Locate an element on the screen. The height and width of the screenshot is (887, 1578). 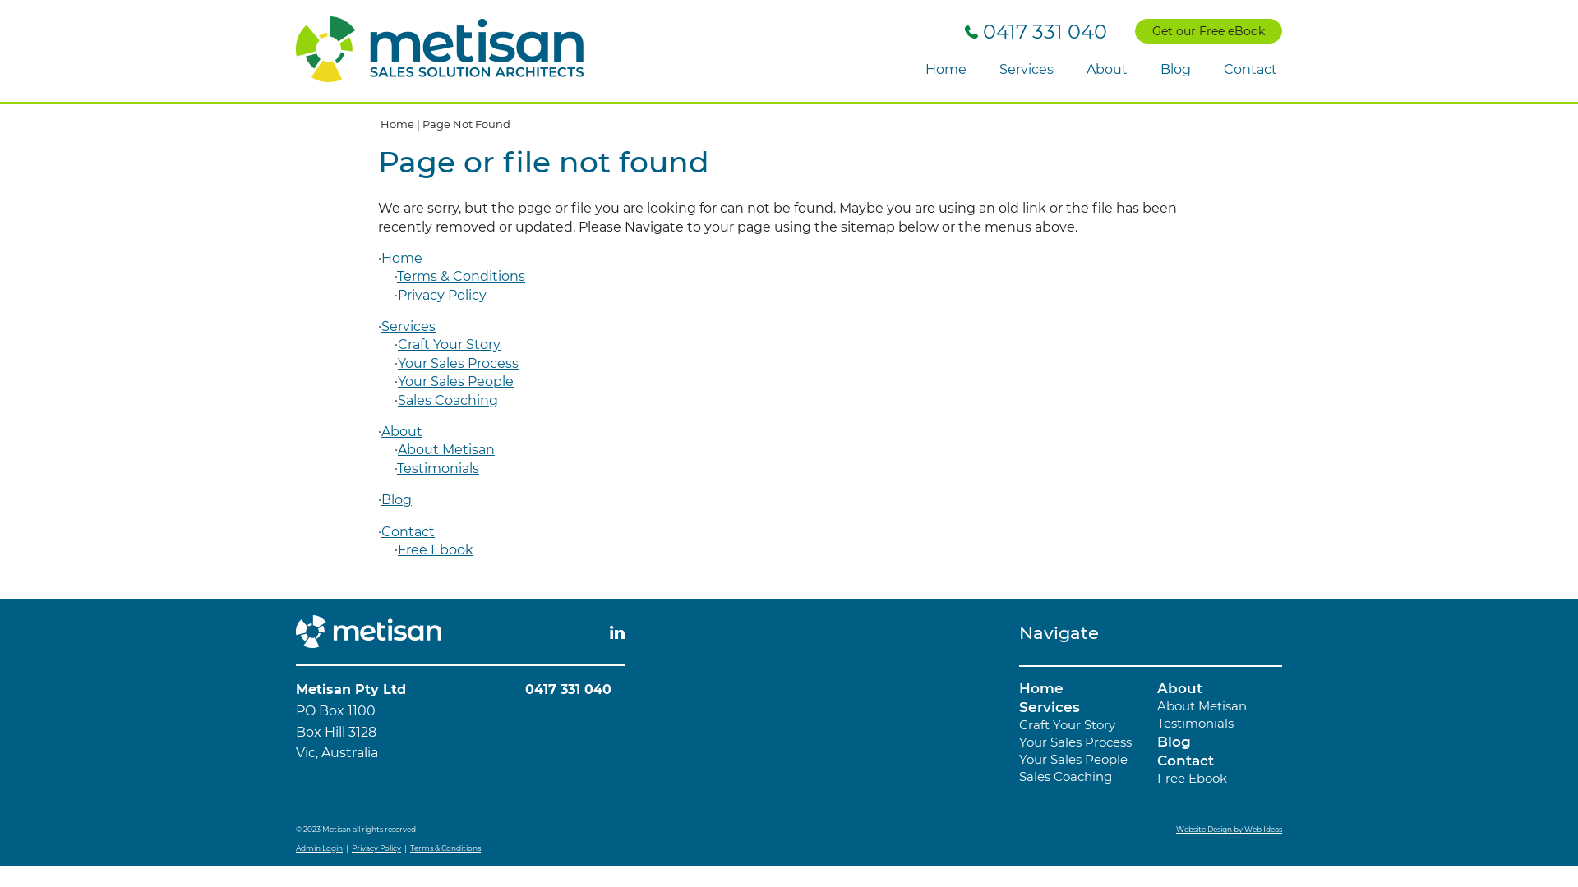
'Privacy Policy' is located at coordinates (375, 848).